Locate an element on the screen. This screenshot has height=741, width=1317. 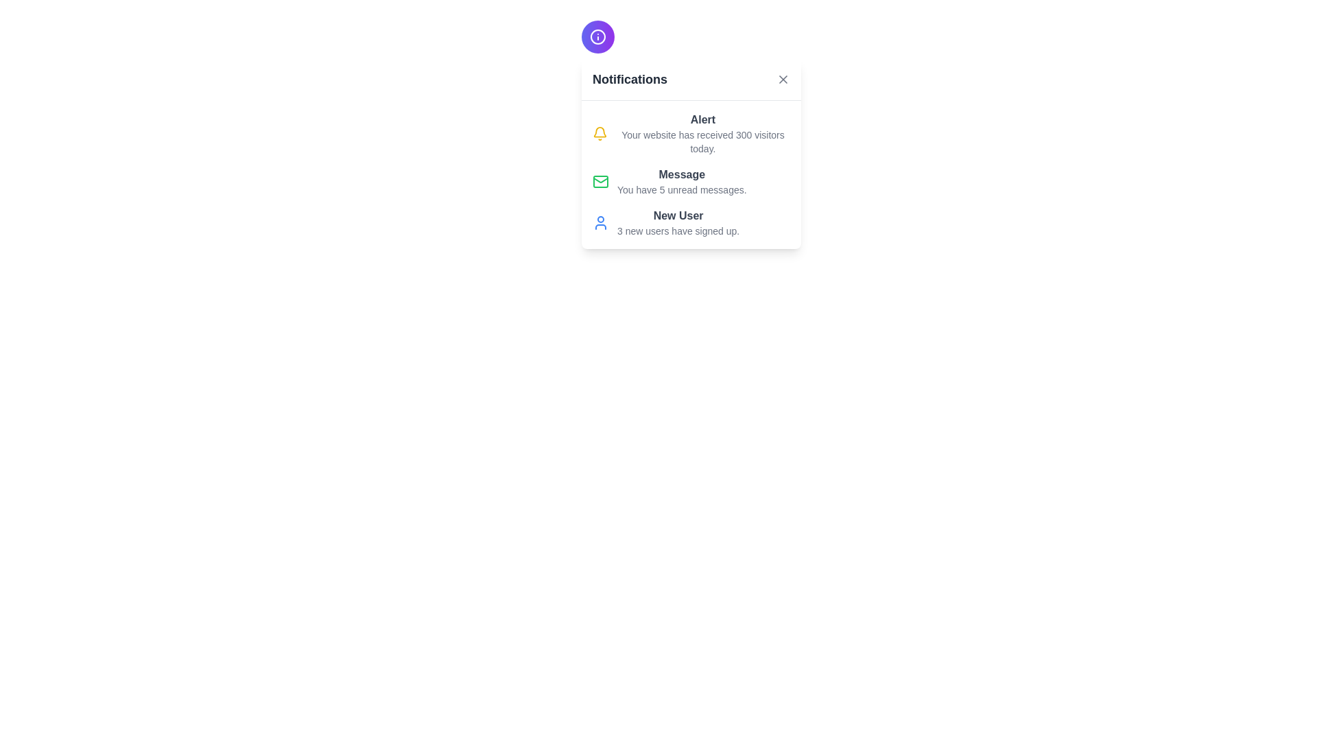
the close icon located near the top right of the notification panel is located at coordinates (783, 79).